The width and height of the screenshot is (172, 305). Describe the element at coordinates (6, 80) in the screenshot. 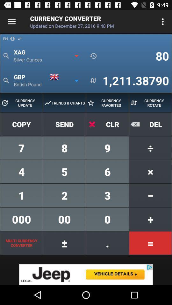

I see `the search icon` at that location.